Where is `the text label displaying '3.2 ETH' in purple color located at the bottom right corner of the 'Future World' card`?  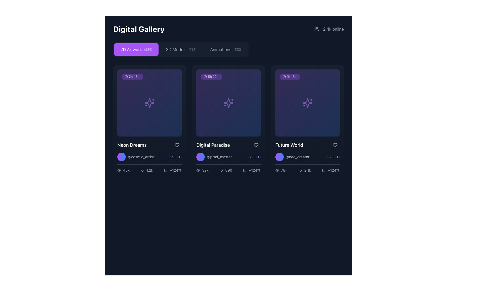 the text label displaying '3.2 ETH' in purple color located at the bottom right corner of the 'Future World' card is located at coordinates (333, 156).